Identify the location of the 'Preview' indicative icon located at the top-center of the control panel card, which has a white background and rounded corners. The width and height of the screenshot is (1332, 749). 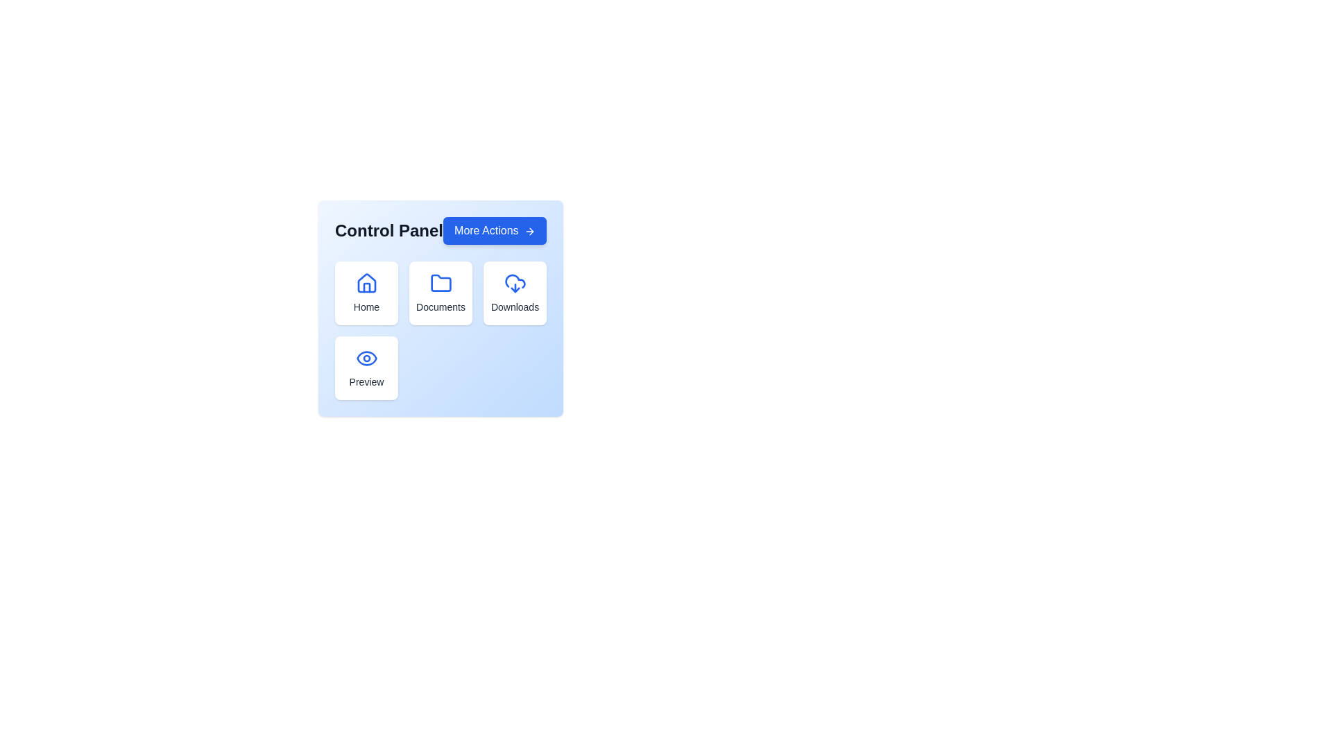
(366, 357).